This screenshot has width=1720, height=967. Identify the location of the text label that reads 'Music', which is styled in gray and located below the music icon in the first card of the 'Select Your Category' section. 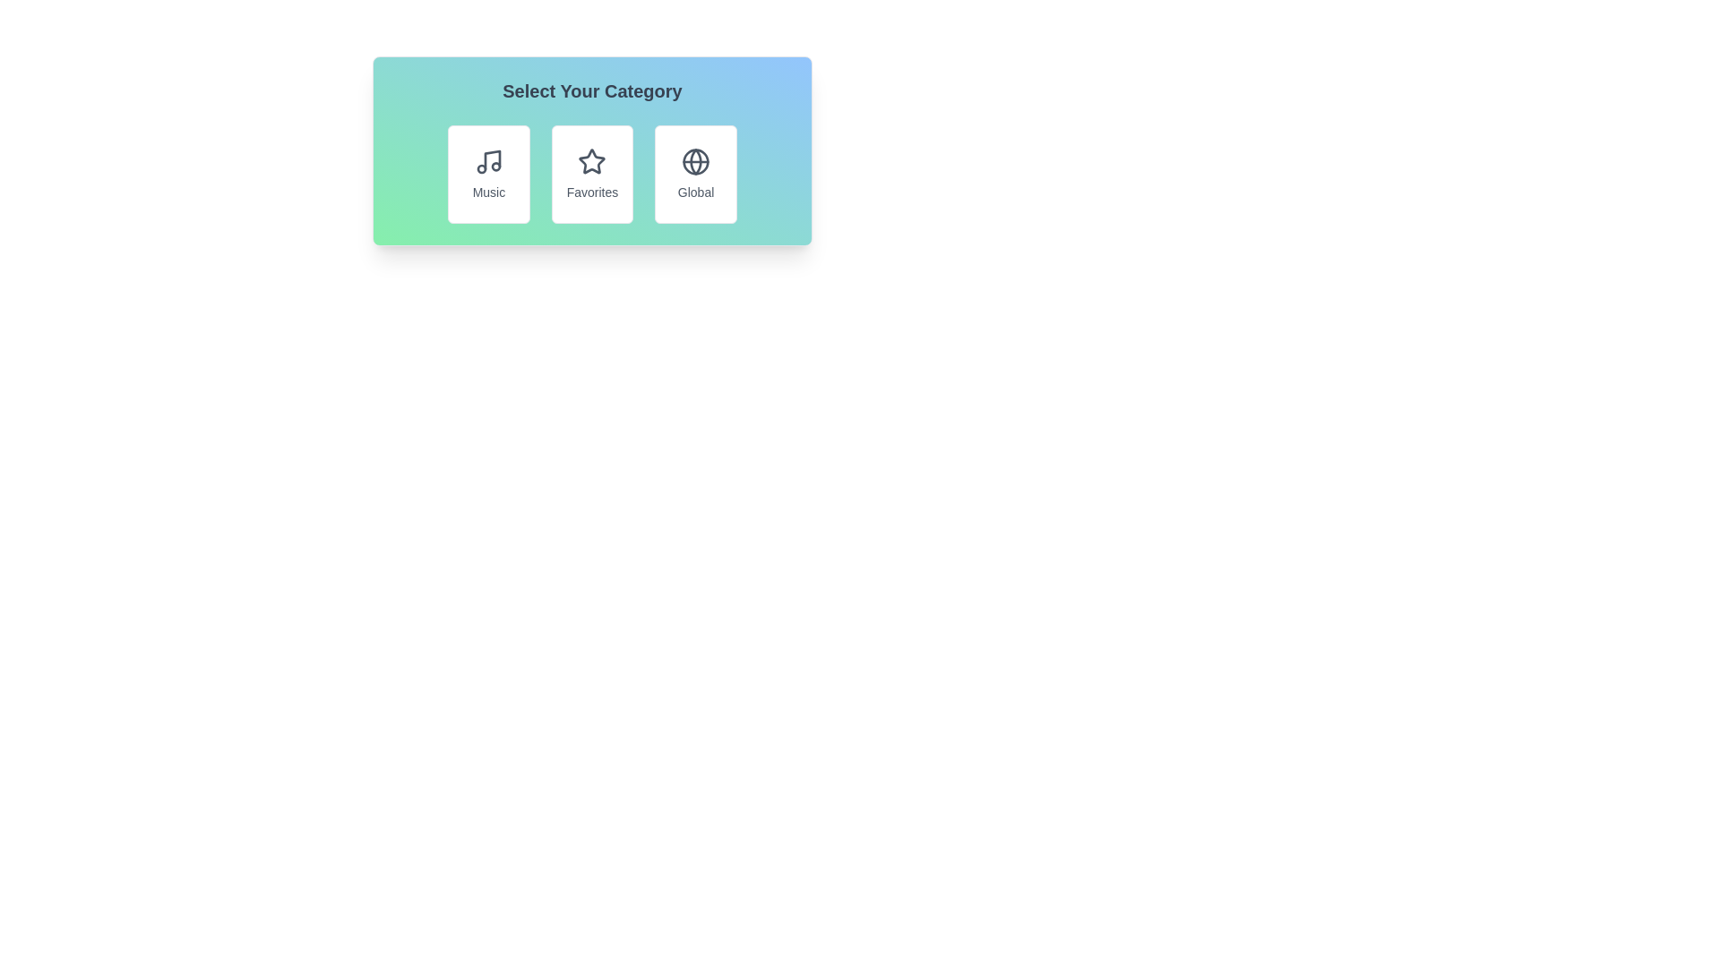
(488, 193).